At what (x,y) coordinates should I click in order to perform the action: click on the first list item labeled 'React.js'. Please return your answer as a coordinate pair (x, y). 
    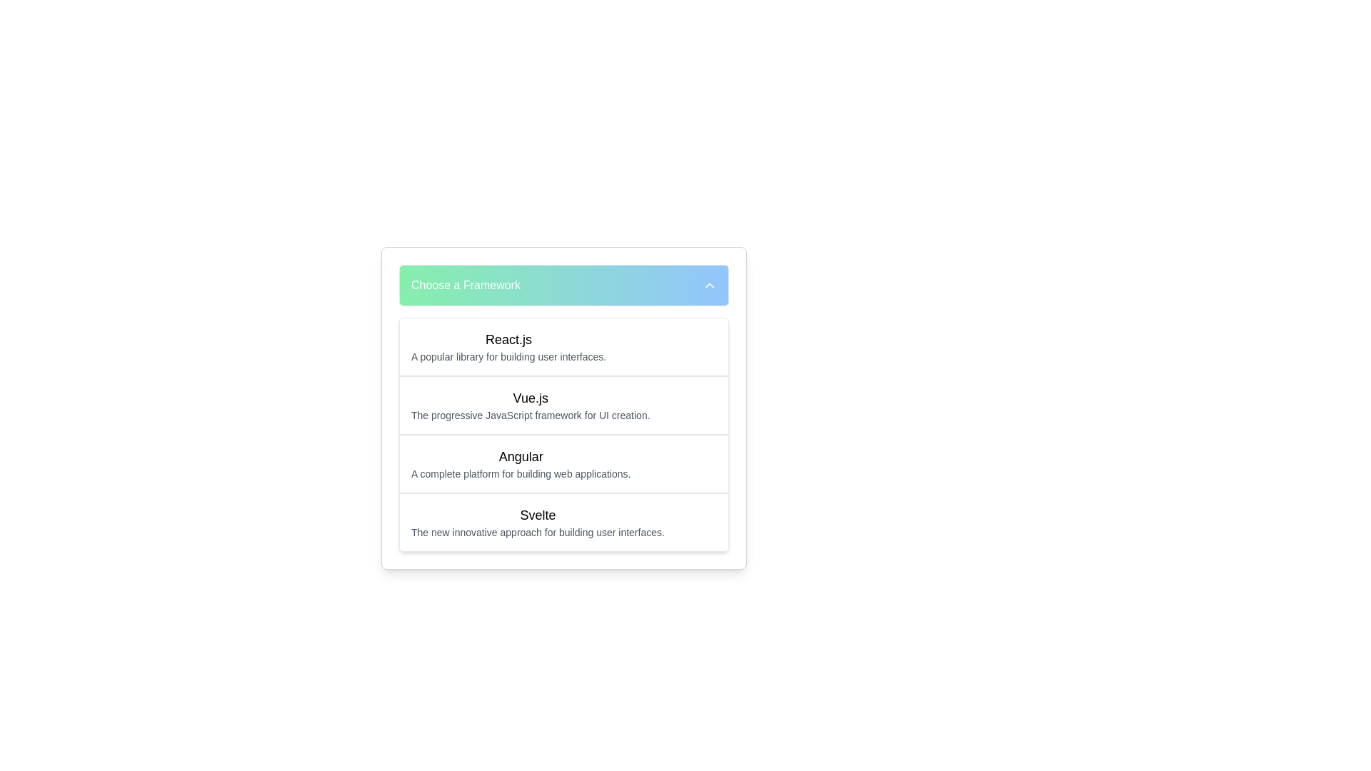
    Looking at the image, I should click on (563, 347).